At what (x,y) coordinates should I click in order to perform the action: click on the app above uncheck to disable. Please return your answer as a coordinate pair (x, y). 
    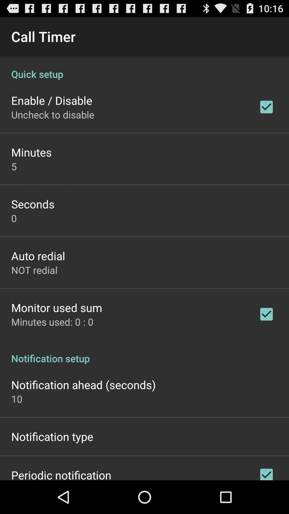
    Looking at the image, I should click on (52, 100).